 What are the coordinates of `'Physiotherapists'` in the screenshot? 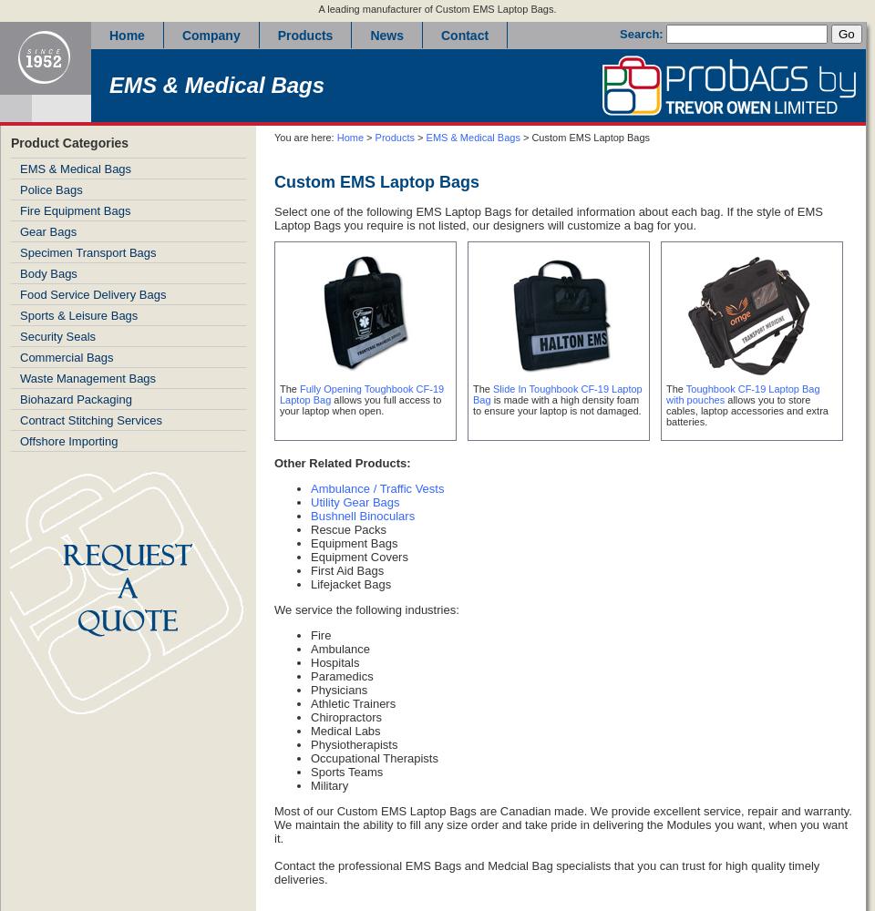 It's located at (353, 743).